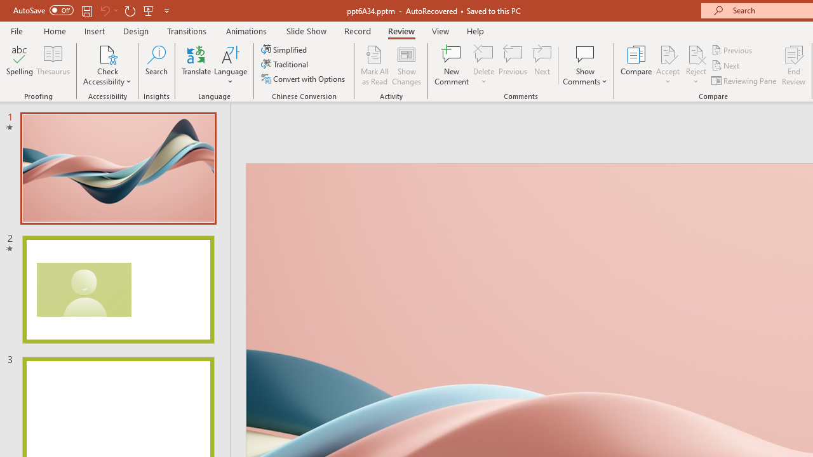 Image resolution: width=813 pixels, height=457 pixels. What do you see at coordinates (636, 65) in the screenshot?
I see `'Compare'` at bounding box center [636, 65].